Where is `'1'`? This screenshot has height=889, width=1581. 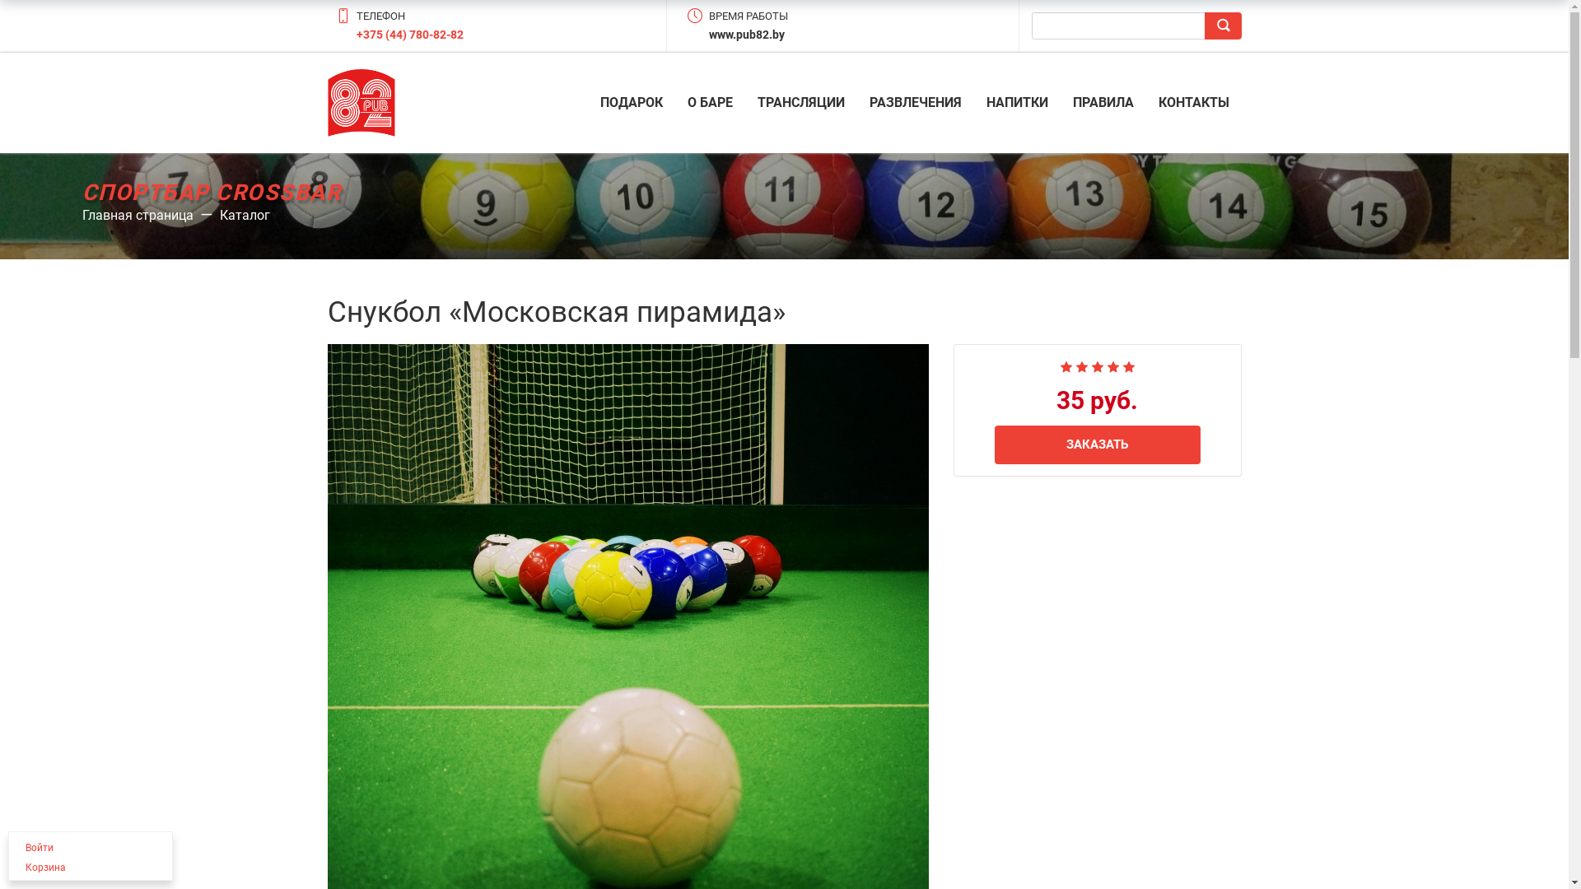 '1' is located at coordinates (1059, 364).